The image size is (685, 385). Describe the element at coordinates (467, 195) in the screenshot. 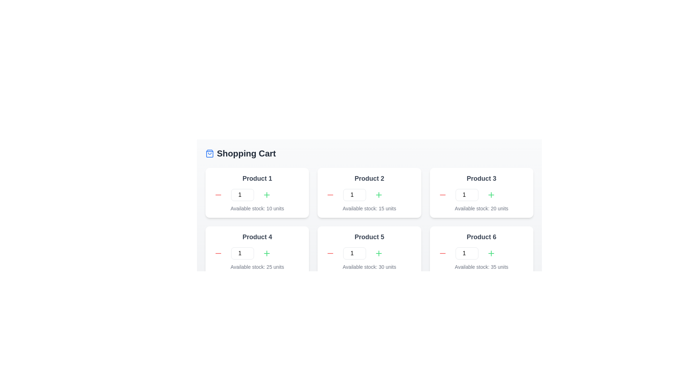

I see `the numeric input box displaying the number '1' within the 'Product 3' card to focus on it` at that location.